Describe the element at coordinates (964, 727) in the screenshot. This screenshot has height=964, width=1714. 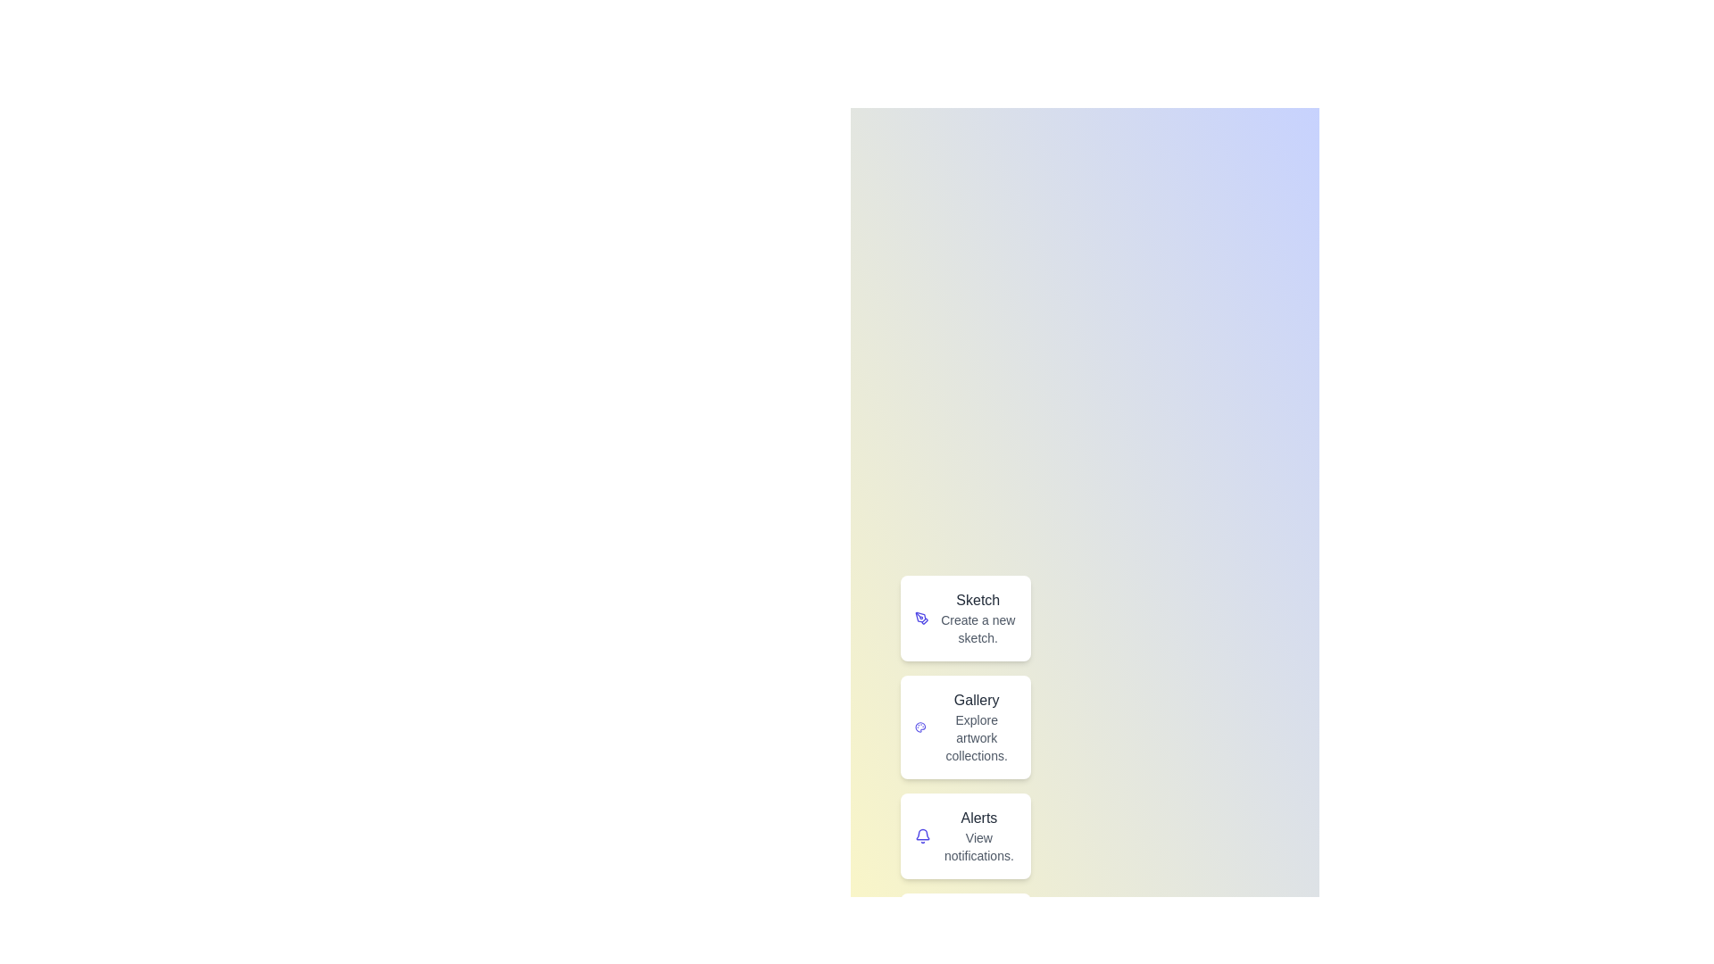
I see `the Gallery button to perform its action` at that location.